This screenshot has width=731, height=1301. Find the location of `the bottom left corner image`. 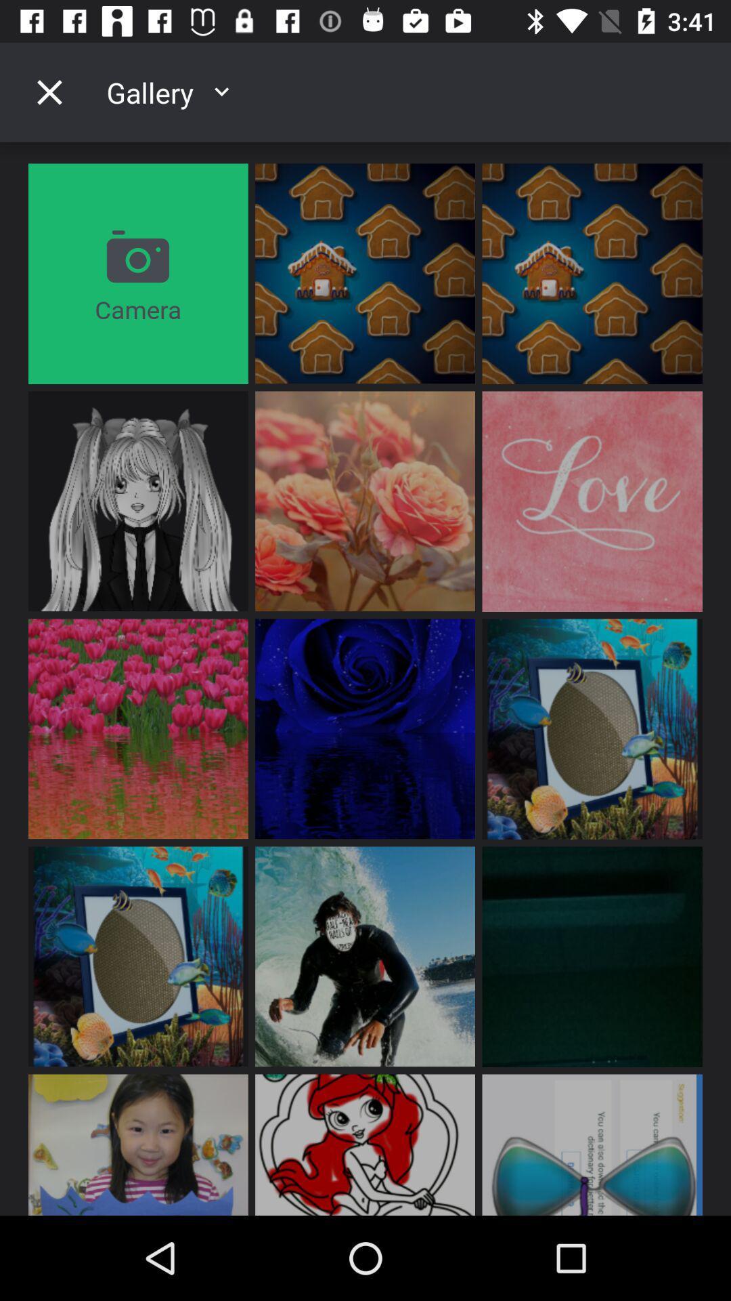

the bottom left corner image is located at coordinates (138, 1144).